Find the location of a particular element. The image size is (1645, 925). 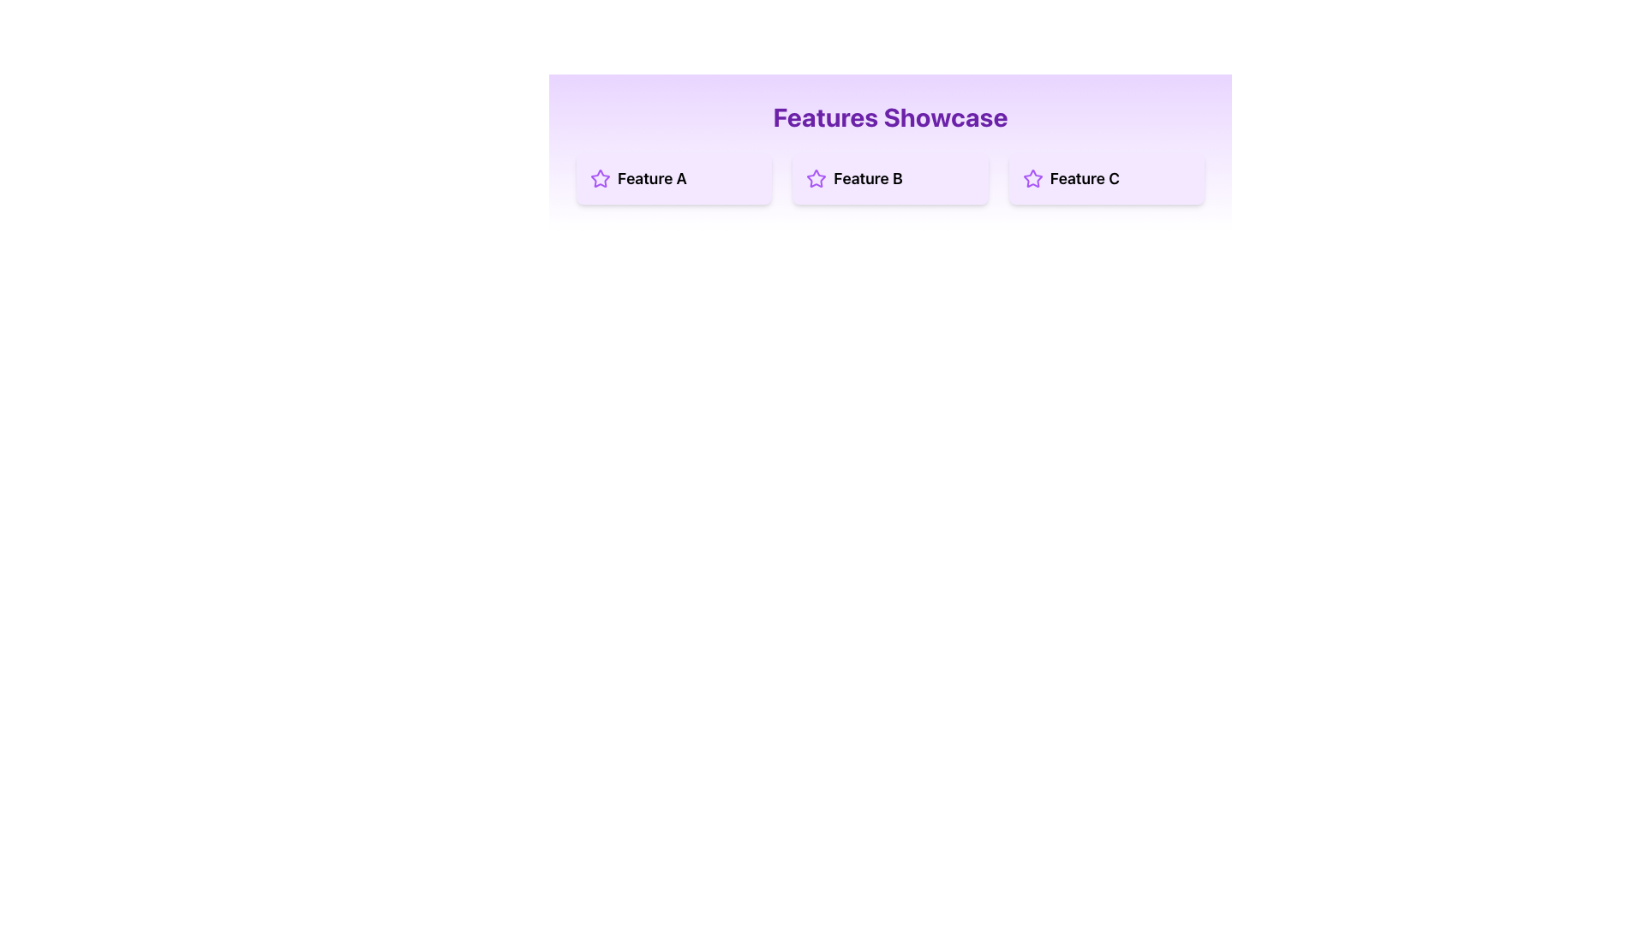

the 'Feature B' informational card located at the center of the row, between 'Feature A' and 'Feature C' is located at coordinates (890, 178).